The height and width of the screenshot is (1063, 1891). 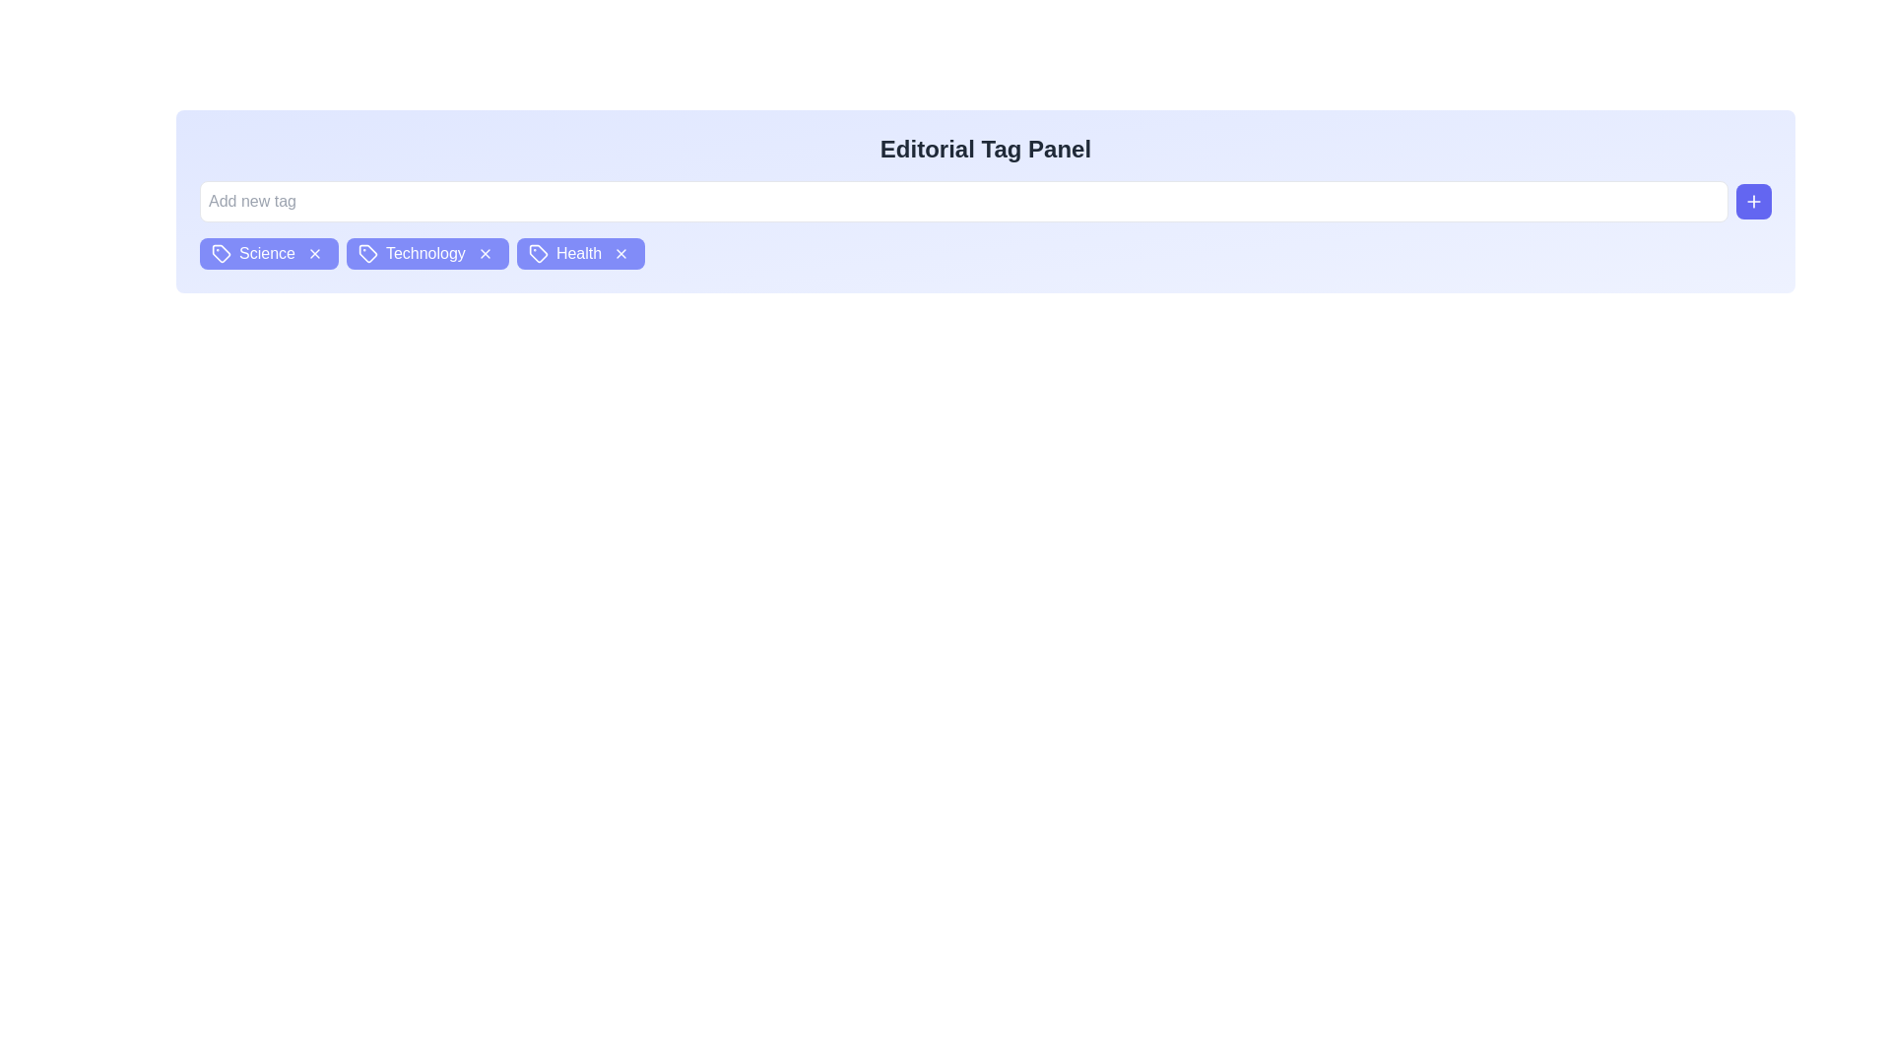 What do you see at coordinates (620, 253) in the screenshot?
I see `the Close button (cross icon) located at the far-right end of the 'Health' tag in the Editorial Tag Panel to potentially display a tooltip` at bounding box center [620, 253].